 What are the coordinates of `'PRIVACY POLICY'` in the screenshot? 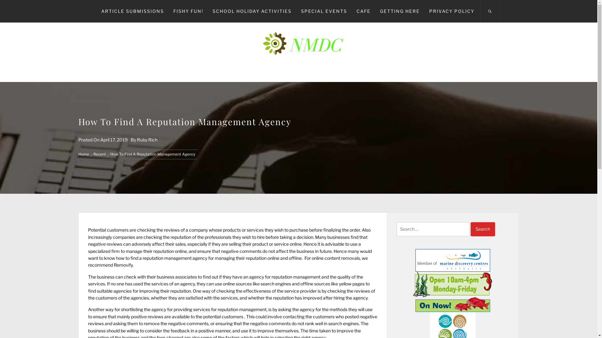 It's located at (451, 11).